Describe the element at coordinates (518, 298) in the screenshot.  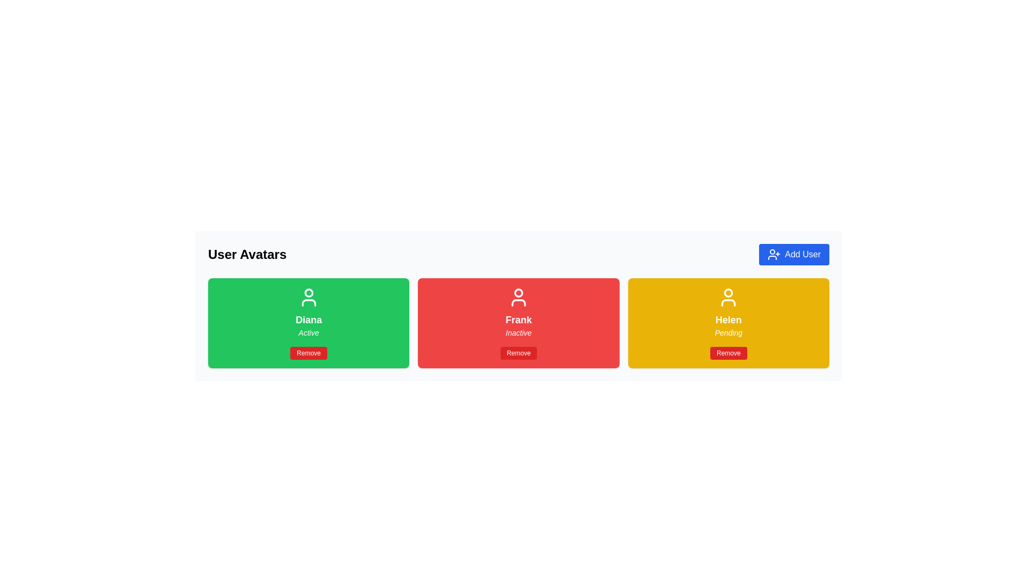
I see `the user icon with a red background and white outlines, positioned above the name 'Frank' in the red rectangular card labeled 'Frank Inactive'` at that location.